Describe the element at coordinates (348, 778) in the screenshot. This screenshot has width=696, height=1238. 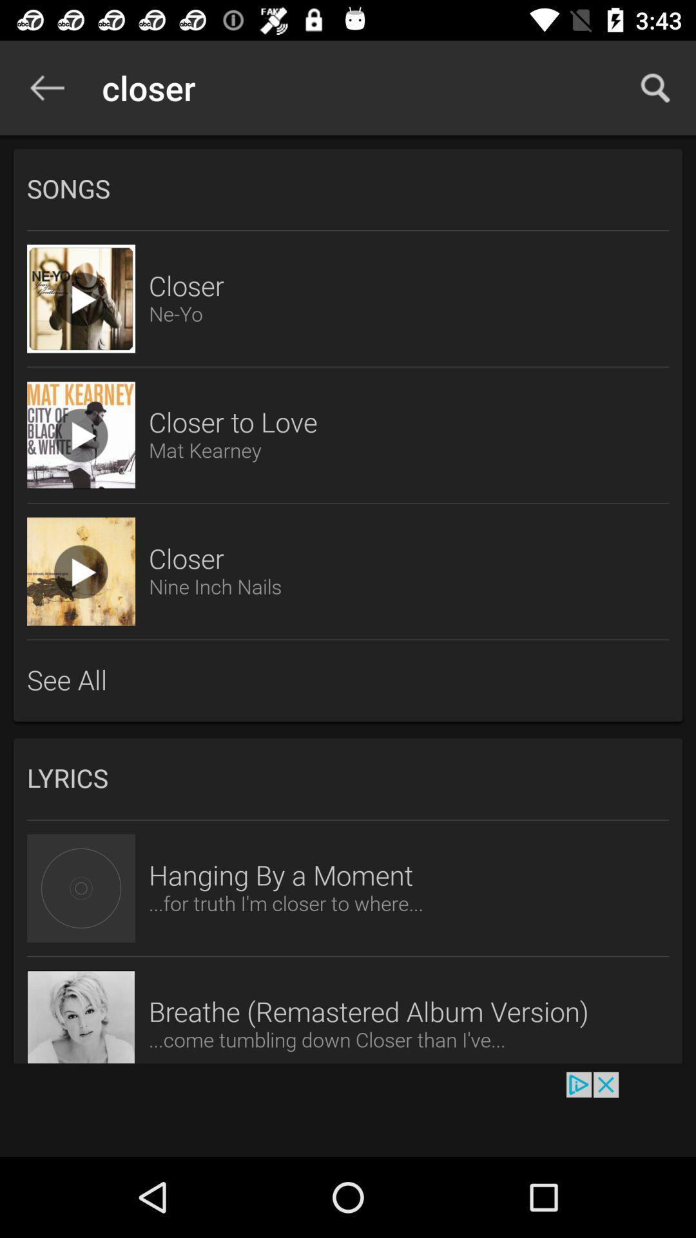
I see `the lyrics` at that location.